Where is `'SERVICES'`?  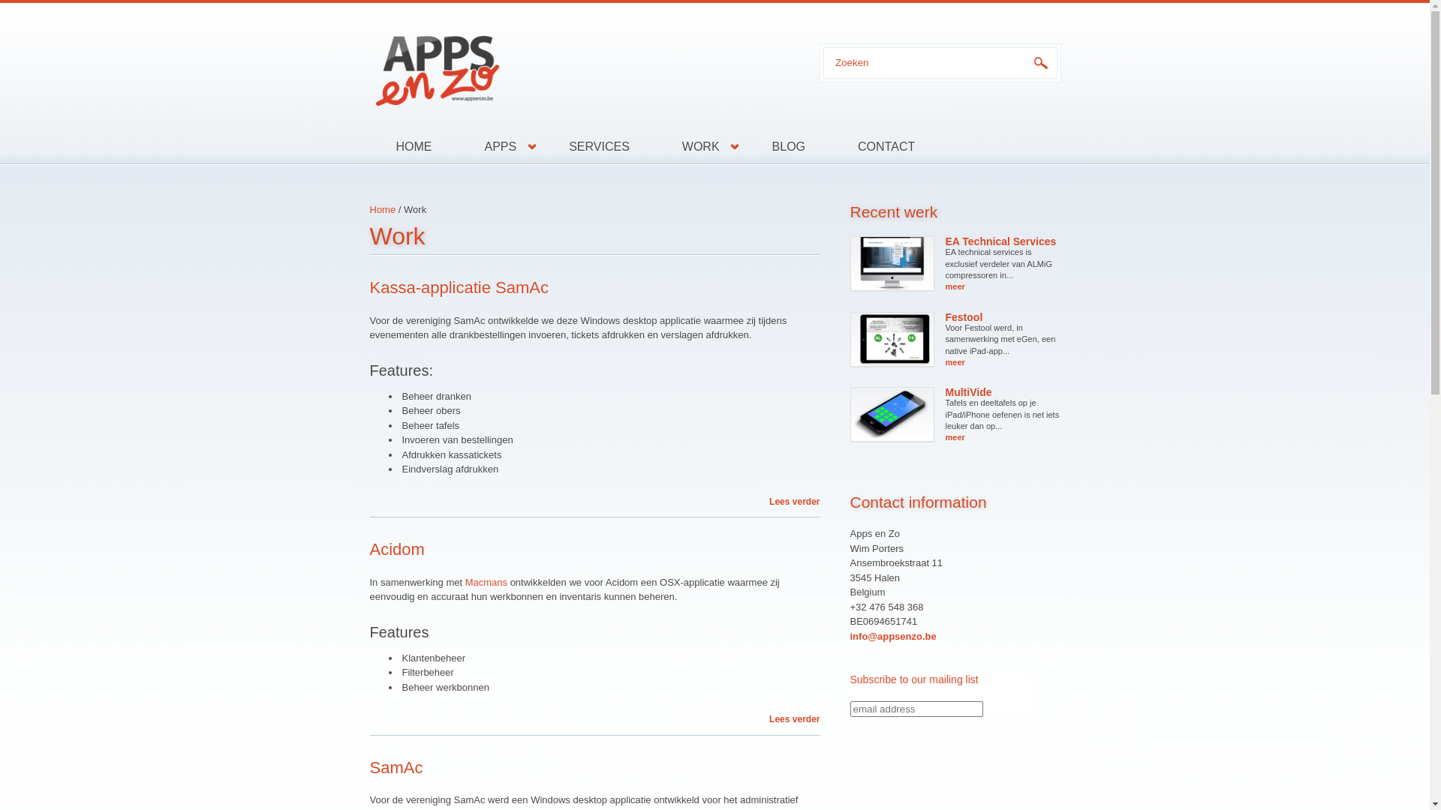 'SERVICES' is located at coordinates (598, 147).